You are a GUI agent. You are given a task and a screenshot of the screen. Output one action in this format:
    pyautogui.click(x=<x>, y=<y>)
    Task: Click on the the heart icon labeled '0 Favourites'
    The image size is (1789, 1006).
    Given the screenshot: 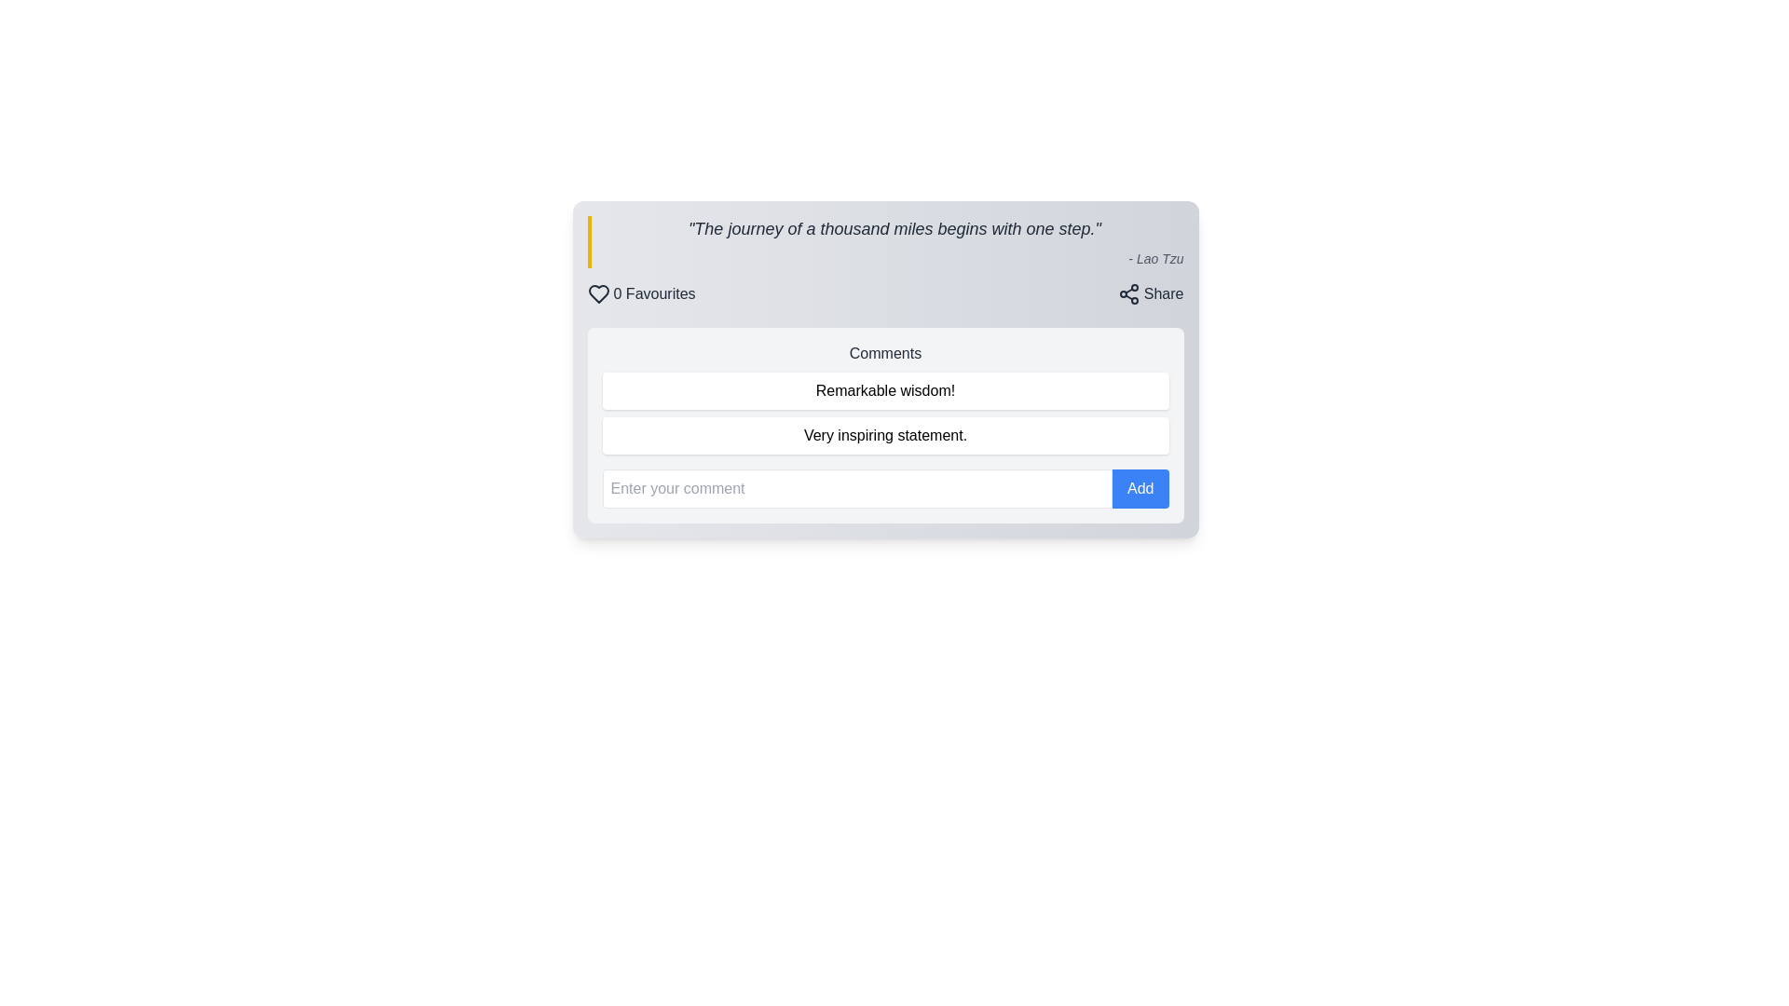 What is the action you would take?
    pyautogui.click(x=641, y=293)
    